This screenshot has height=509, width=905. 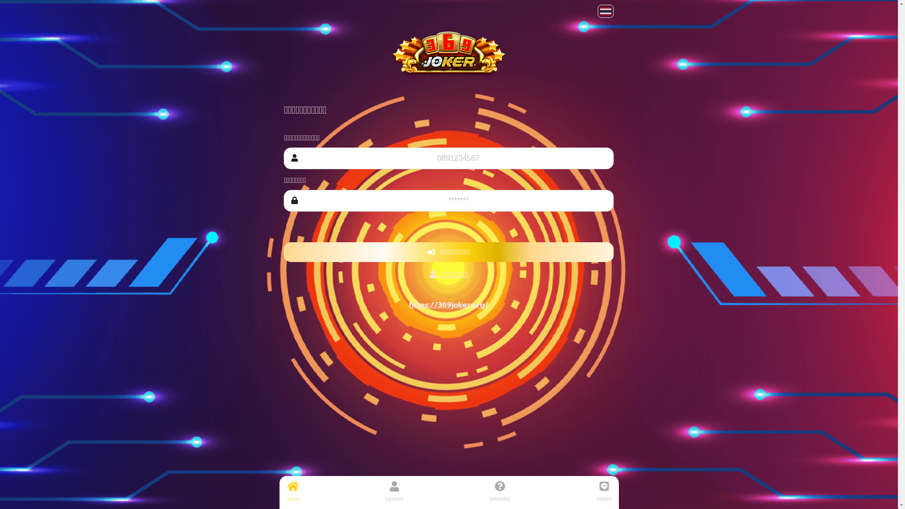 I want to click on 'https://369joker.org/', so click(x=448, y=305).